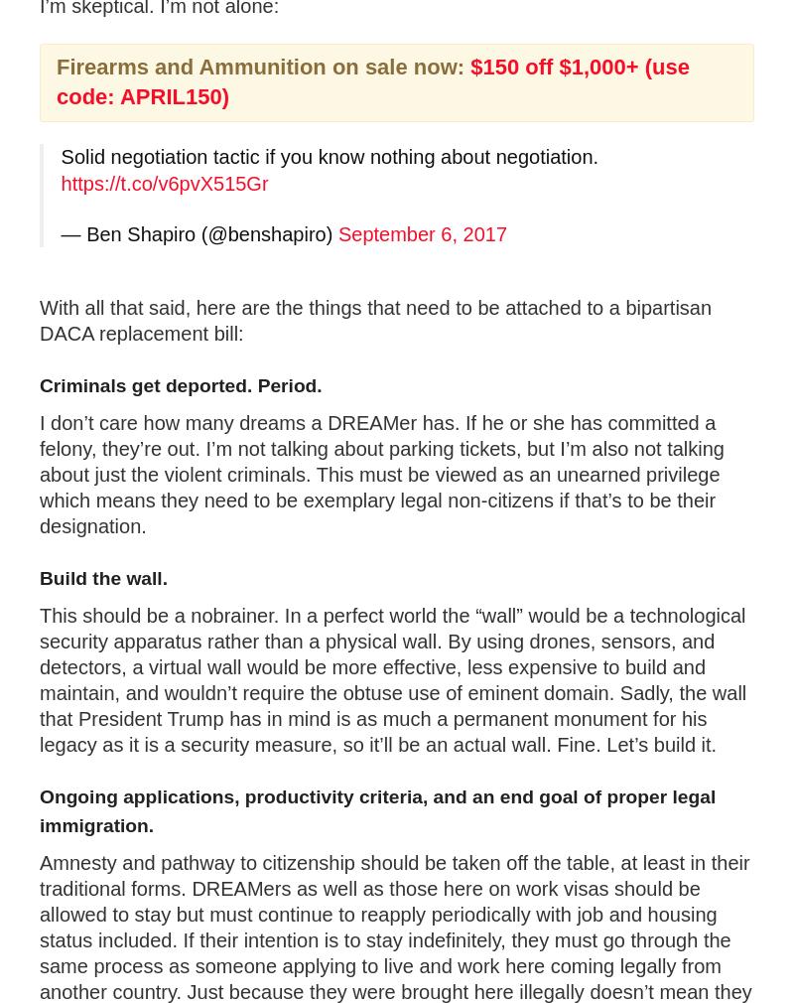 This screenshot has width=794, height=1003. Describe the element at coordinates (381, 475) in the screenshot. I see `'I don’t care how many dreams a DREAMer has. If he or she has committed a felony, they’re out. I’m not talking about parking tickets, but I’m also not talking about just the violent criminals. This must be viewed as an unearned privilege which means they need to be exemplary legal non-citizens if that’s to be their designation.'` at that location.